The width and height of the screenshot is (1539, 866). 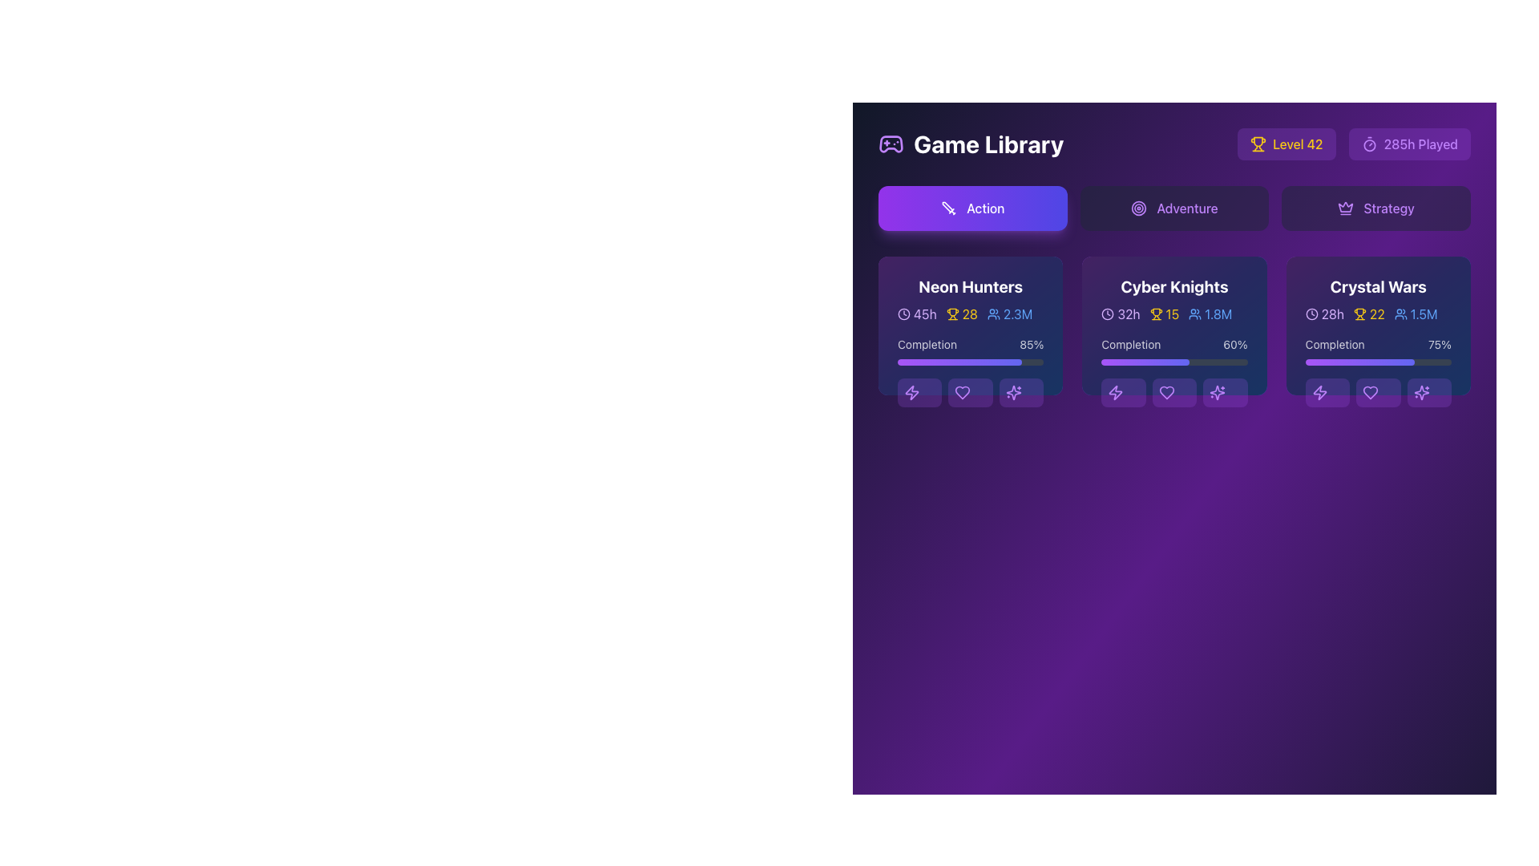 I want to click on the informational display with a progress bar showing 'Completion 75%' located in the bottom section of the 'Crystal Wars' card in the 'Game Library', so click(x=1377, y=371).